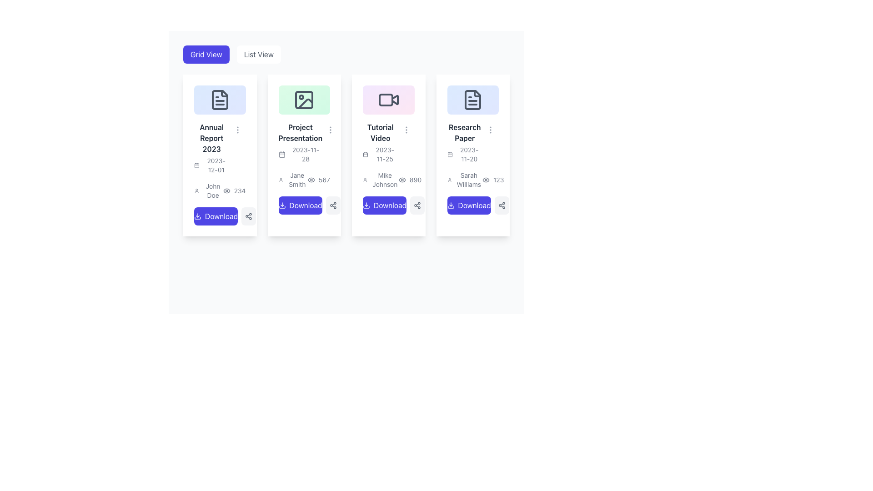 The height and width of the screenshot is (491, 873). I want to click on the date label located in the third card from the left, beneath the small calendar icon, which displays an associated deadline or event date, so click(385, 154).